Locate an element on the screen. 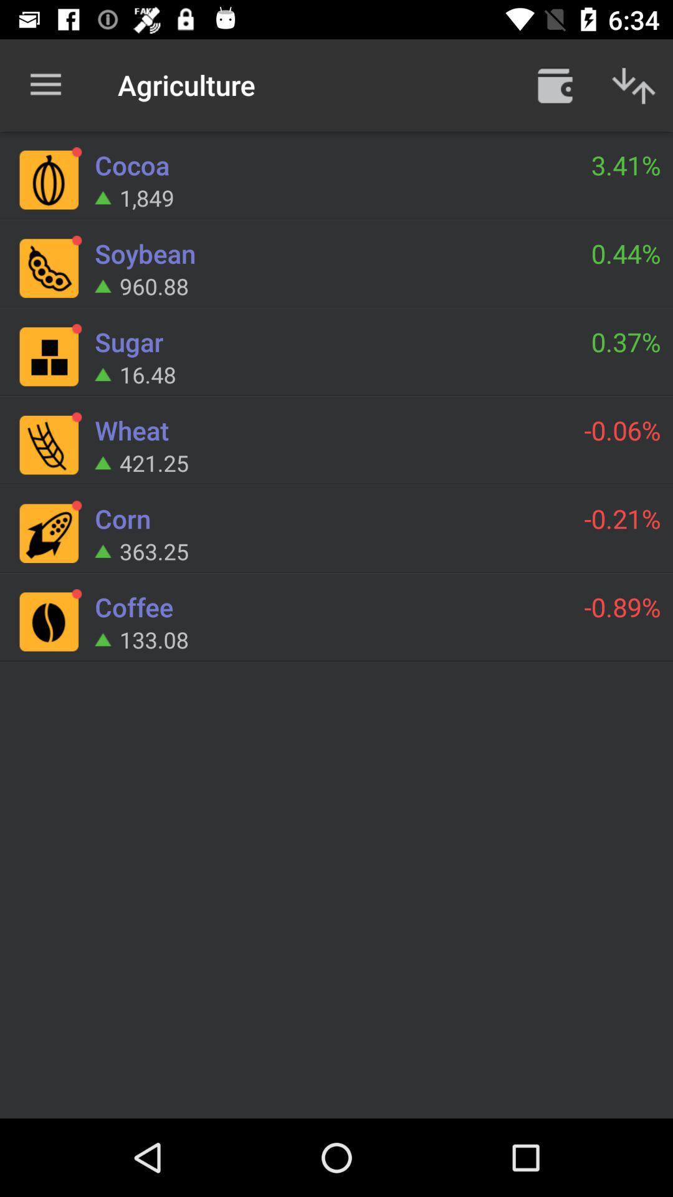 The width and height of the screenshot is (673, 1197). sort stocks is located at coordinates (634, 84).